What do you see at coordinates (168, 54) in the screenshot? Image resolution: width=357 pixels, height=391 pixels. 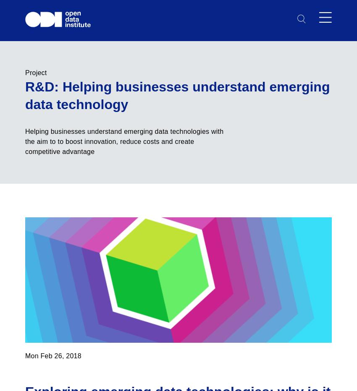 I see `'How can smart contracts be useful for businesses?'` at bounding box center [168, 54].